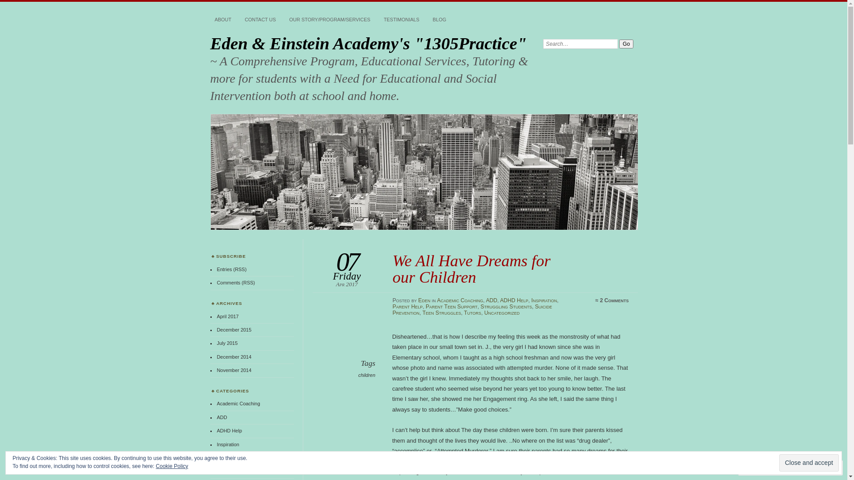  What do you see at coordinates (544, 300) in the screenshot?
I see `'Inspiration'` at bounding box center [544, 300].